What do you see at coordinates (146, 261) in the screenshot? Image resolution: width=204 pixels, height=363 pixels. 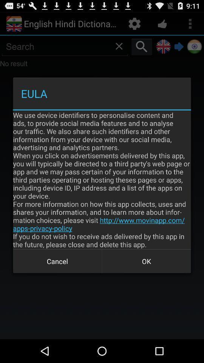 I see `ok icon` at bounding box center [146, 261].